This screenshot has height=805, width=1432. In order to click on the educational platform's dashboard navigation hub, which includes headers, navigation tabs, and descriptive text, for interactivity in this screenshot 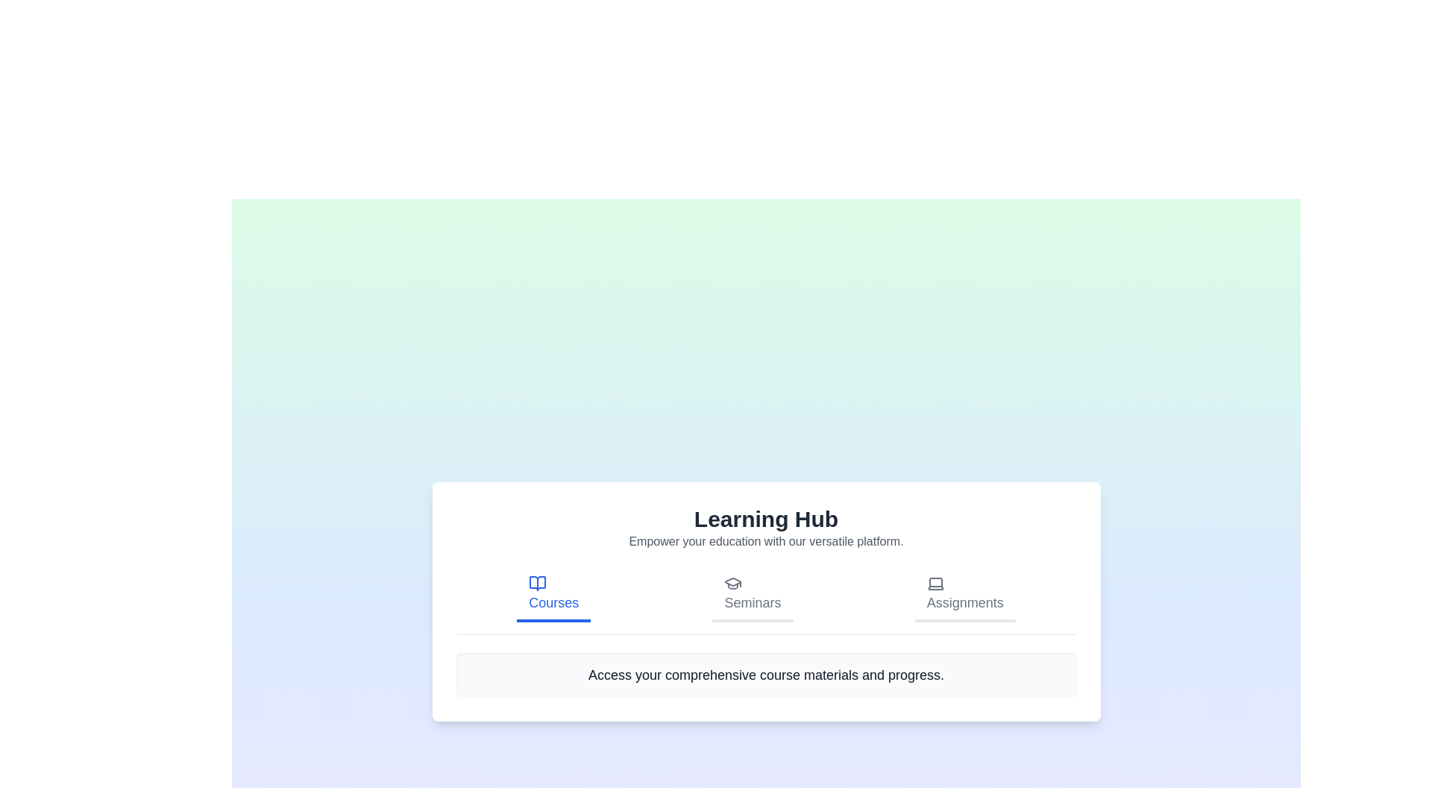, I will do `click(766, 600)`.